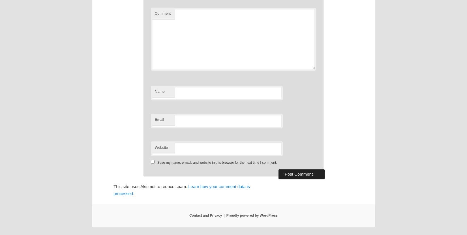 The image size is (467, 235). I want to click on 'Website', so click(161, 147).